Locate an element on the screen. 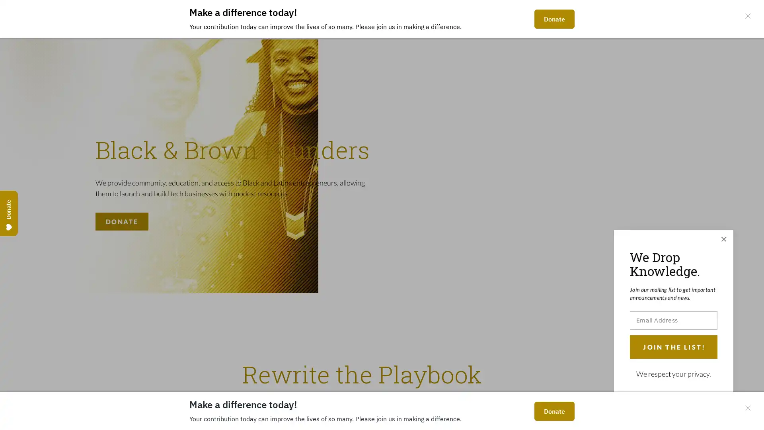  Close is located at coordinates (723, 239).